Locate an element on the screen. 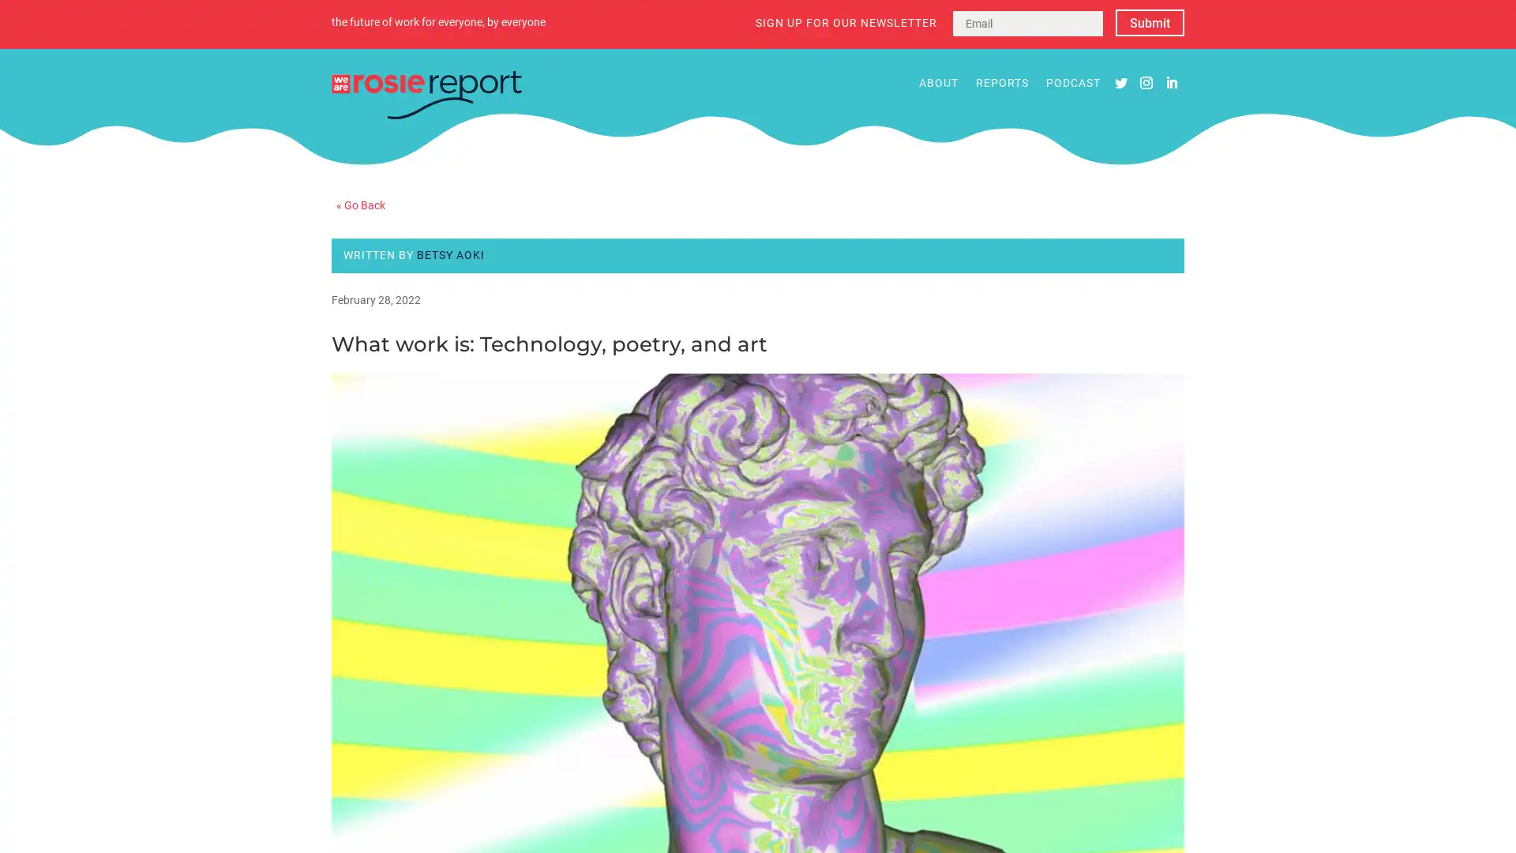  Go Back is located at coordinates (359, 203).